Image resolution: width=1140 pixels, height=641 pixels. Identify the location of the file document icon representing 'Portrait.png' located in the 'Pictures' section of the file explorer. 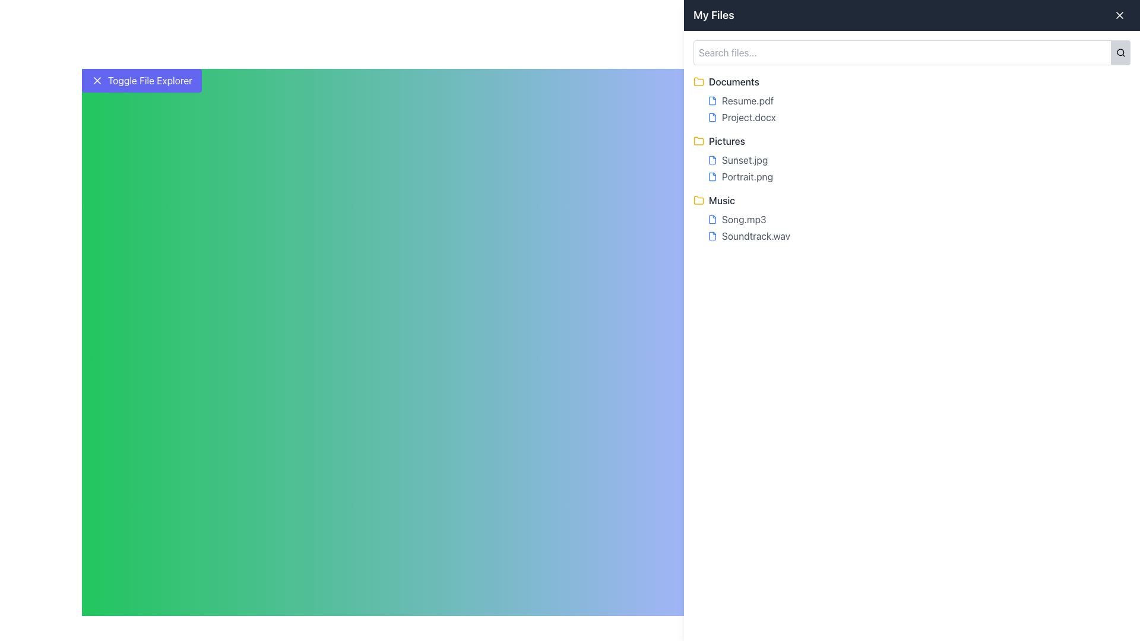
(712, 176).